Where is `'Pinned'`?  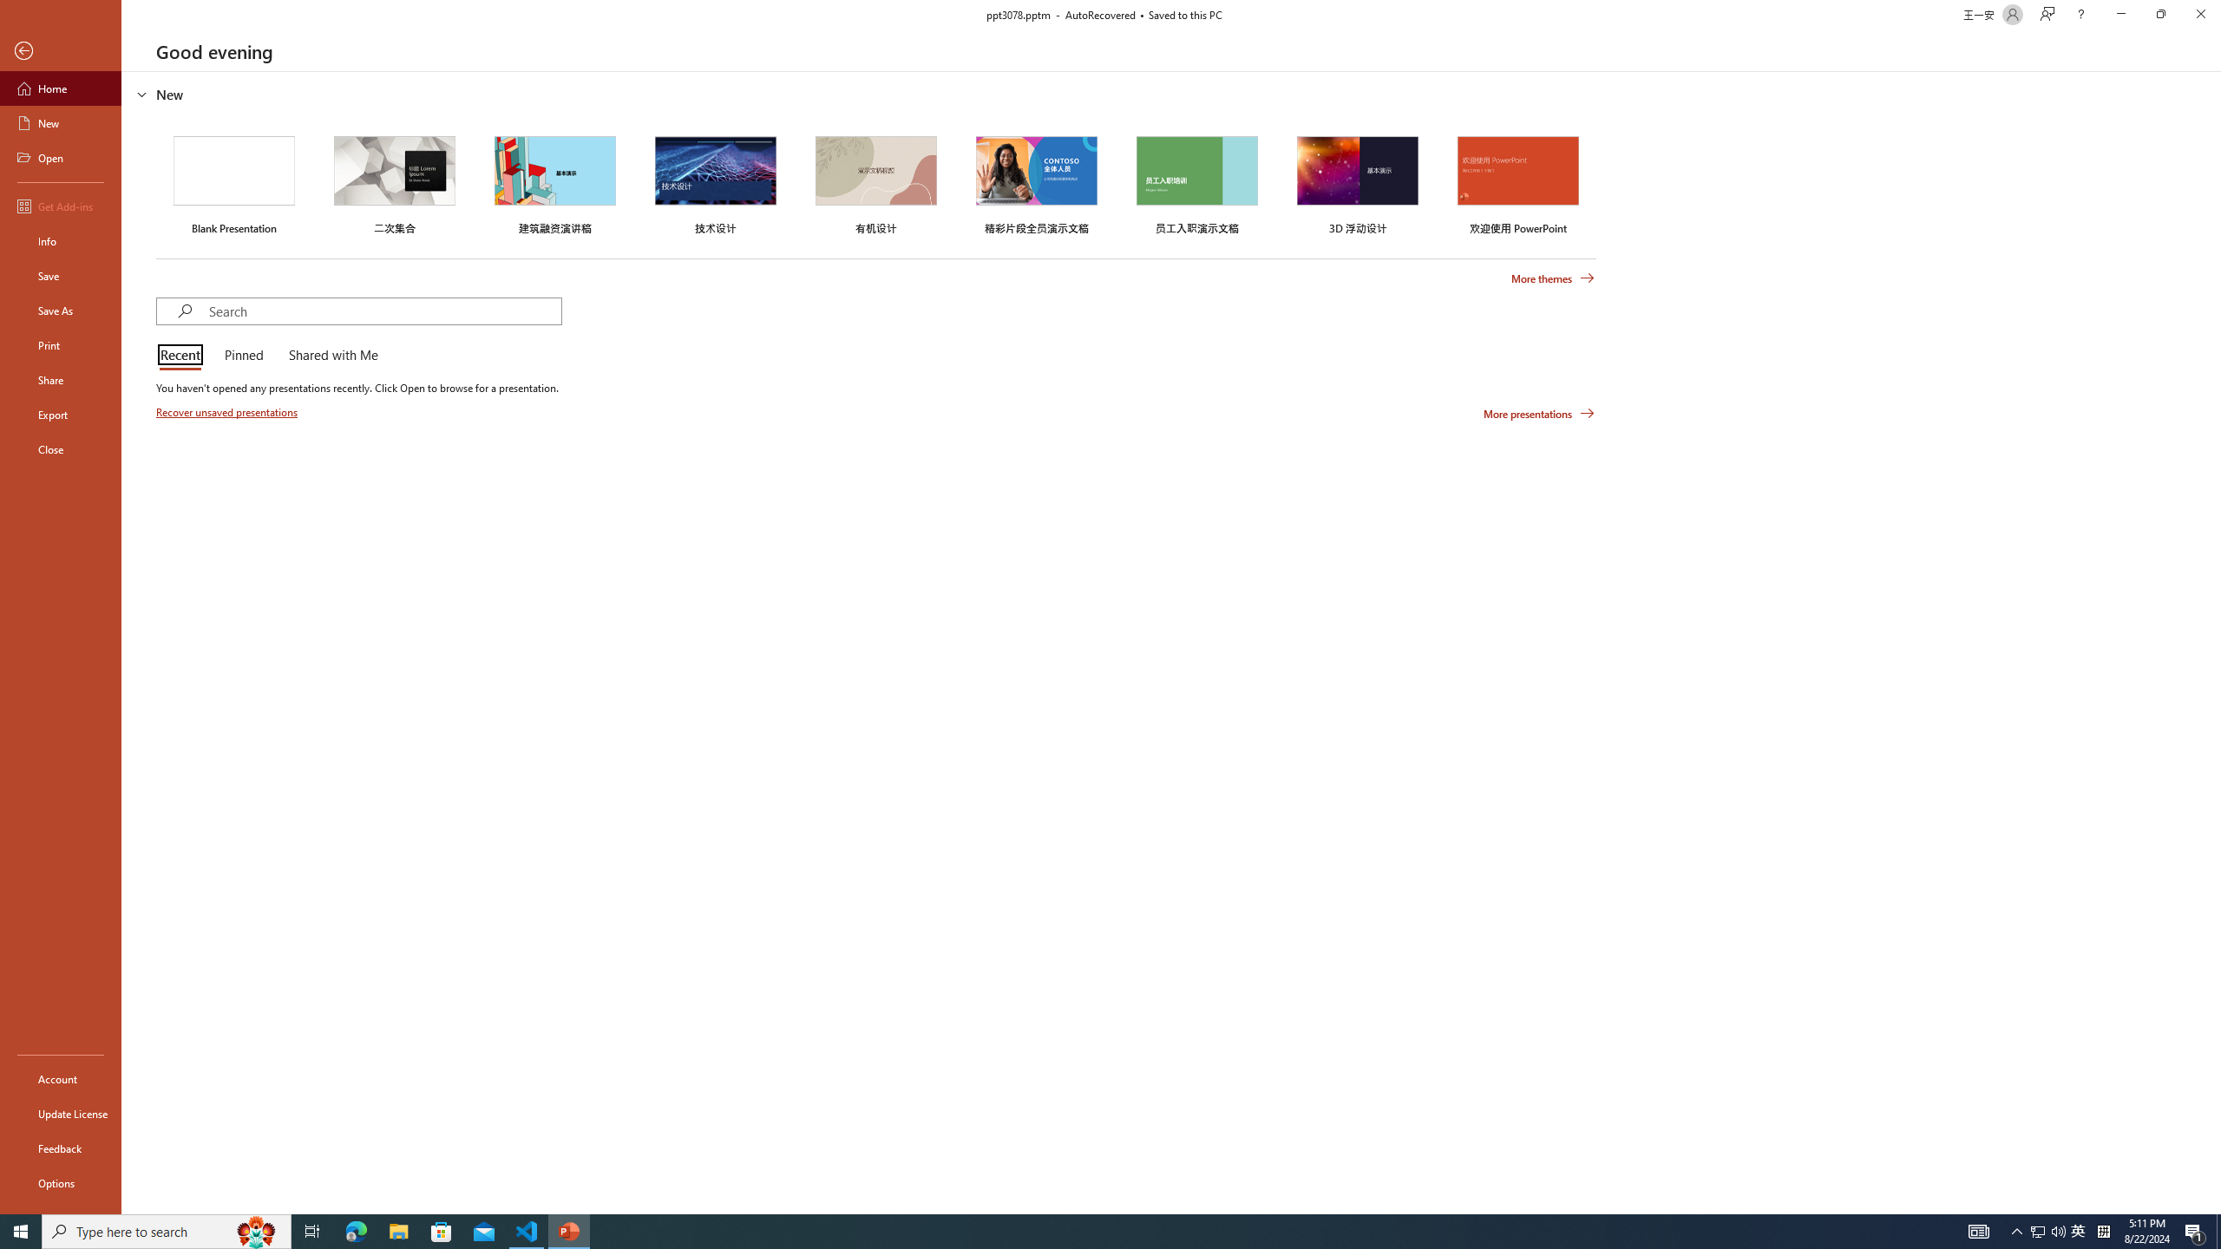 'Pinned' is located at coordinates (243, 356).